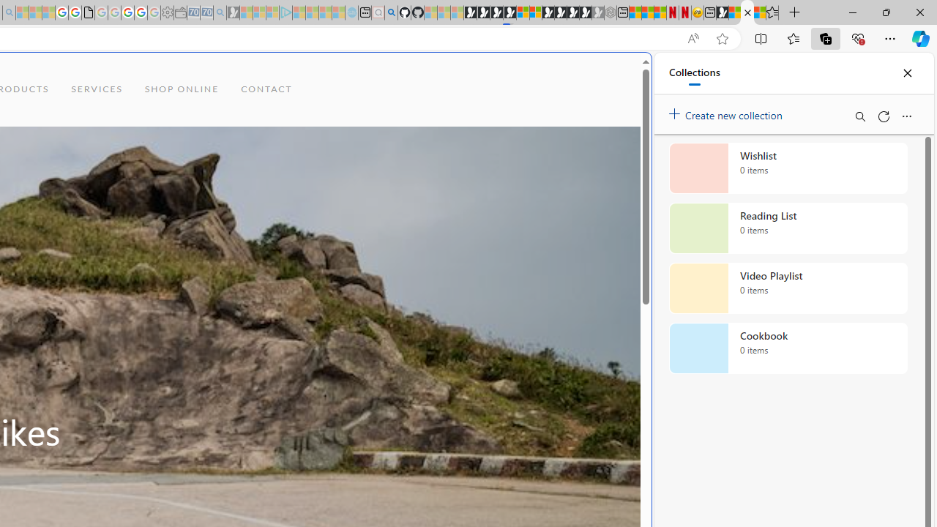 The image size is (937, 527). Describe the element at coordinates (788, 348) in the screenshot. I see `'Cookbook collection, 0 items'` at that location.